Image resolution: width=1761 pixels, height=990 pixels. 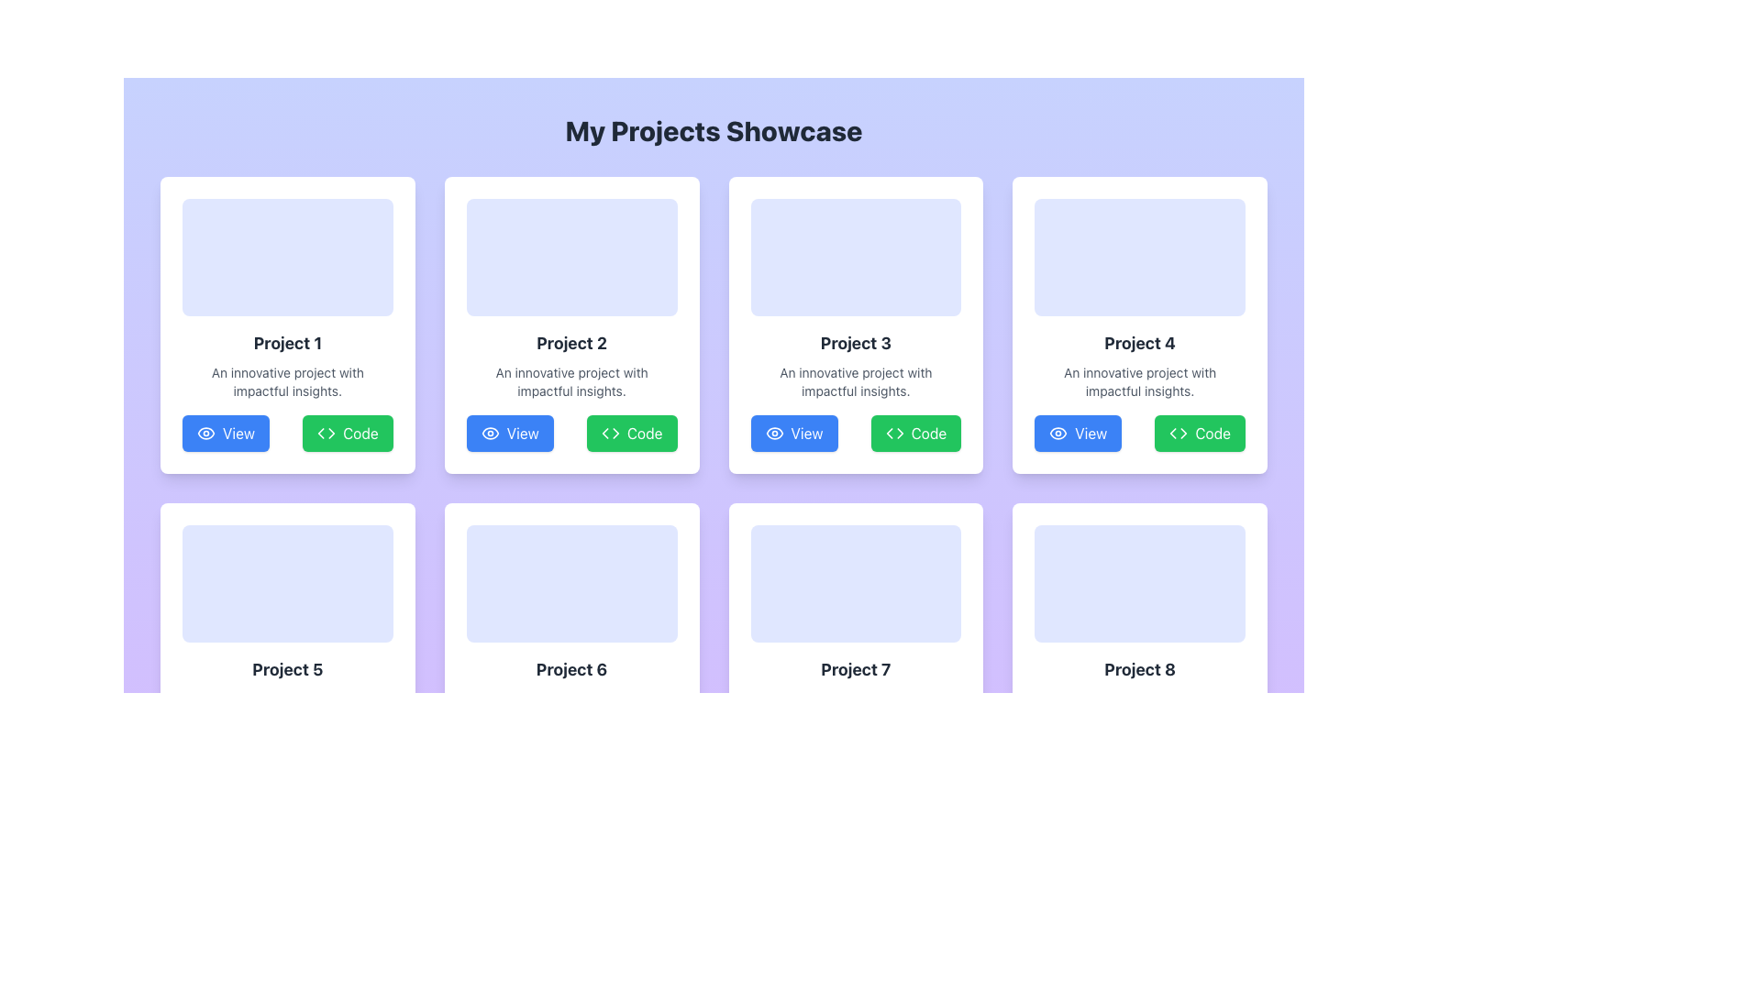 I want to click on the eye icon for the 'View' button located in the card for 'Project 2' in the second column of the top row of the grid layout, so click(x=206, y=434).